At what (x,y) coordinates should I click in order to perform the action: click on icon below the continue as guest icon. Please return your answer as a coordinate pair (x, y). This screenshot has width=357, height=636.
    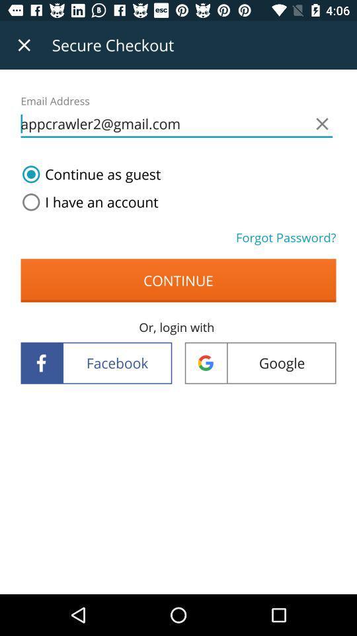
    Looking at the image, I should click on (87, 202).